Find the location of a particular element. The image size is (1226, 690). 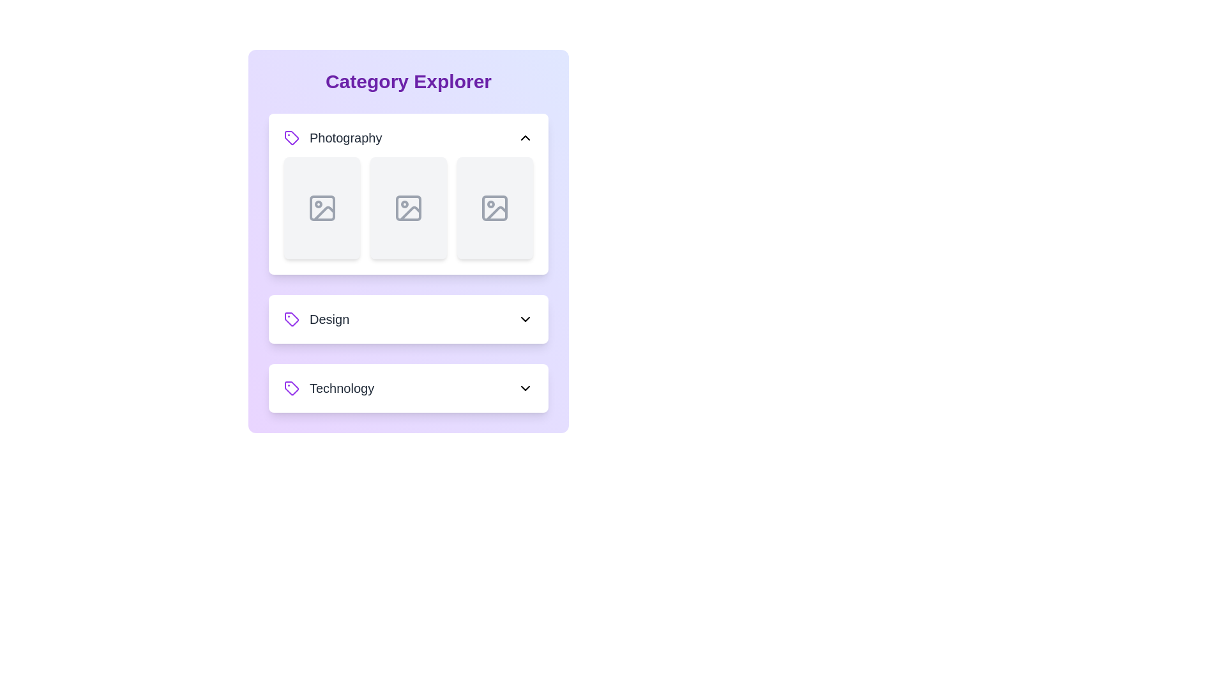

the icon next to the category name is located at coordinates (291, 138).